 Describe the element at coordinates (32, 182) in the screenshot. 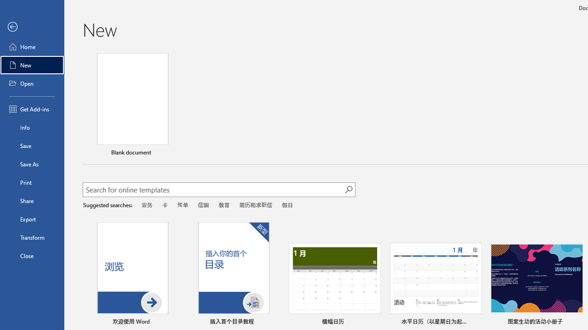

I see `'Print'` at that location.